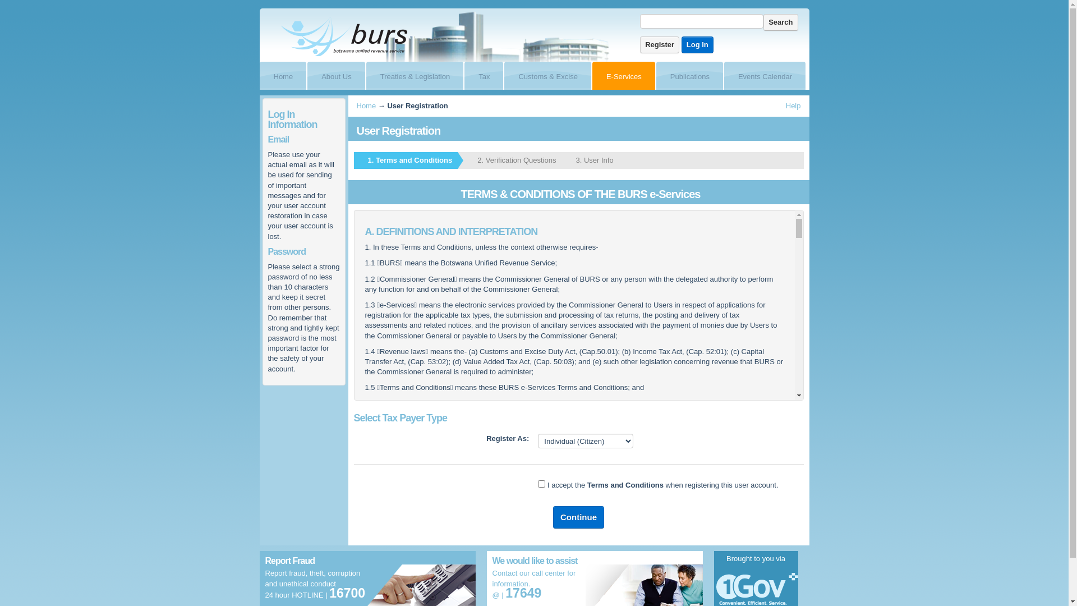  What do you see at coordinates (724, 76) in the screenshot?
I see `'Events Calendar'` at bounding box center [724, 76].